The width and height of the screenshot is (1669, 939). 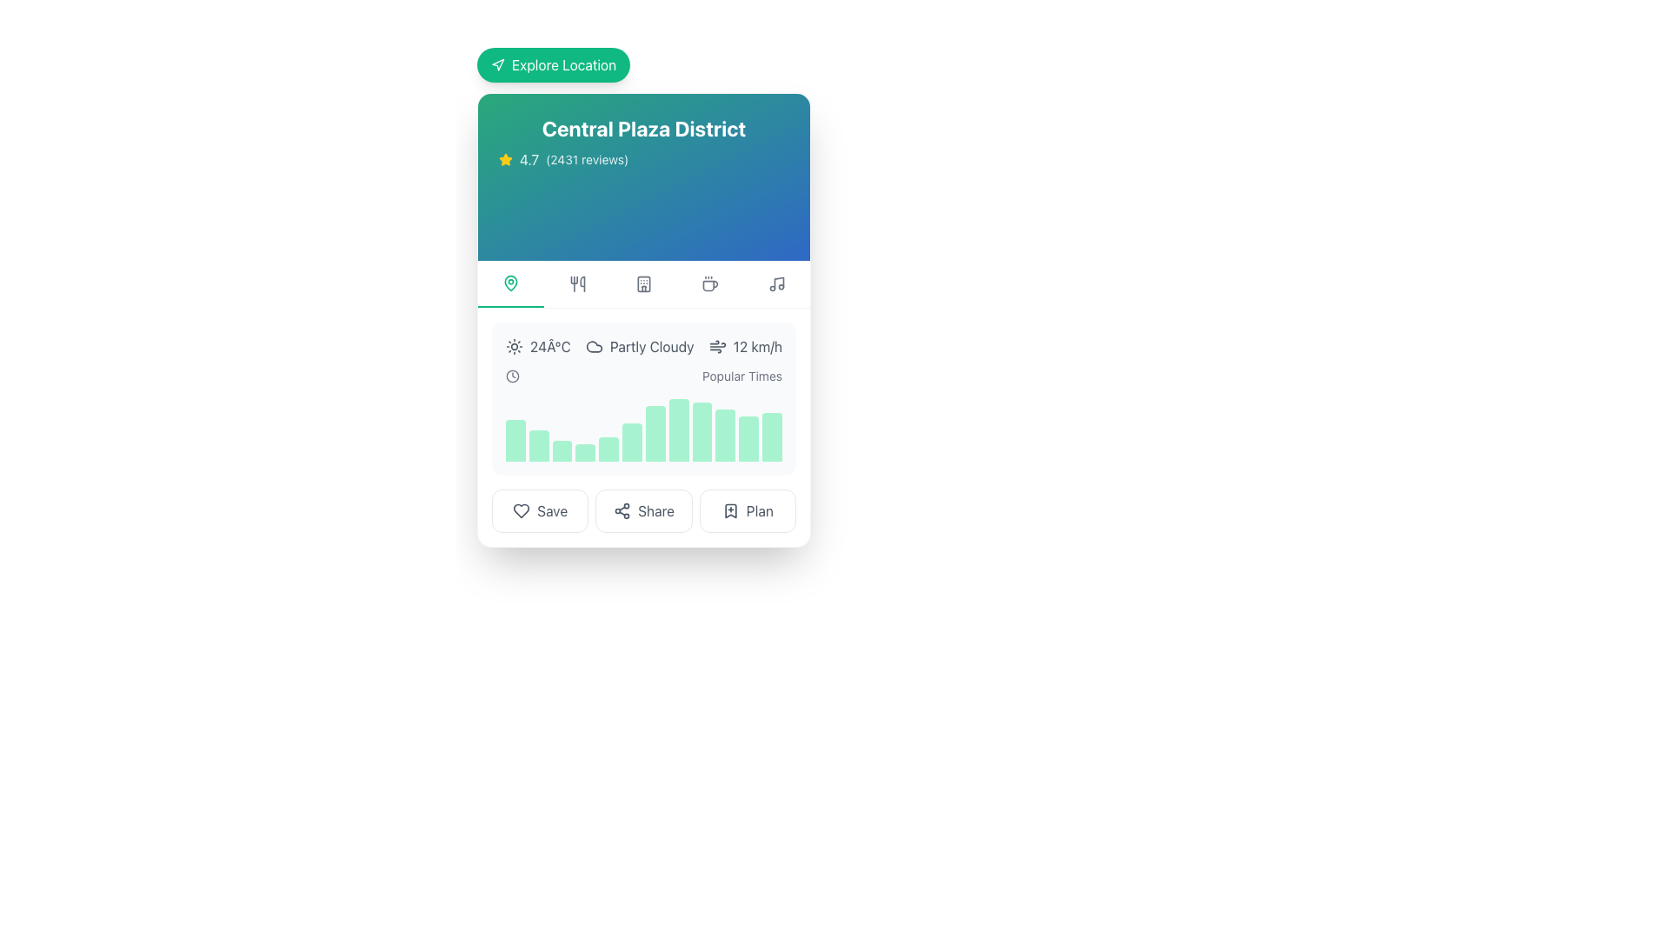 I want to click on text label displaying the total number of reviews '(2431 reviews)' associated with the rating score '4.7' for the 'Central Plaza District' title, so click(x=587, y=160).